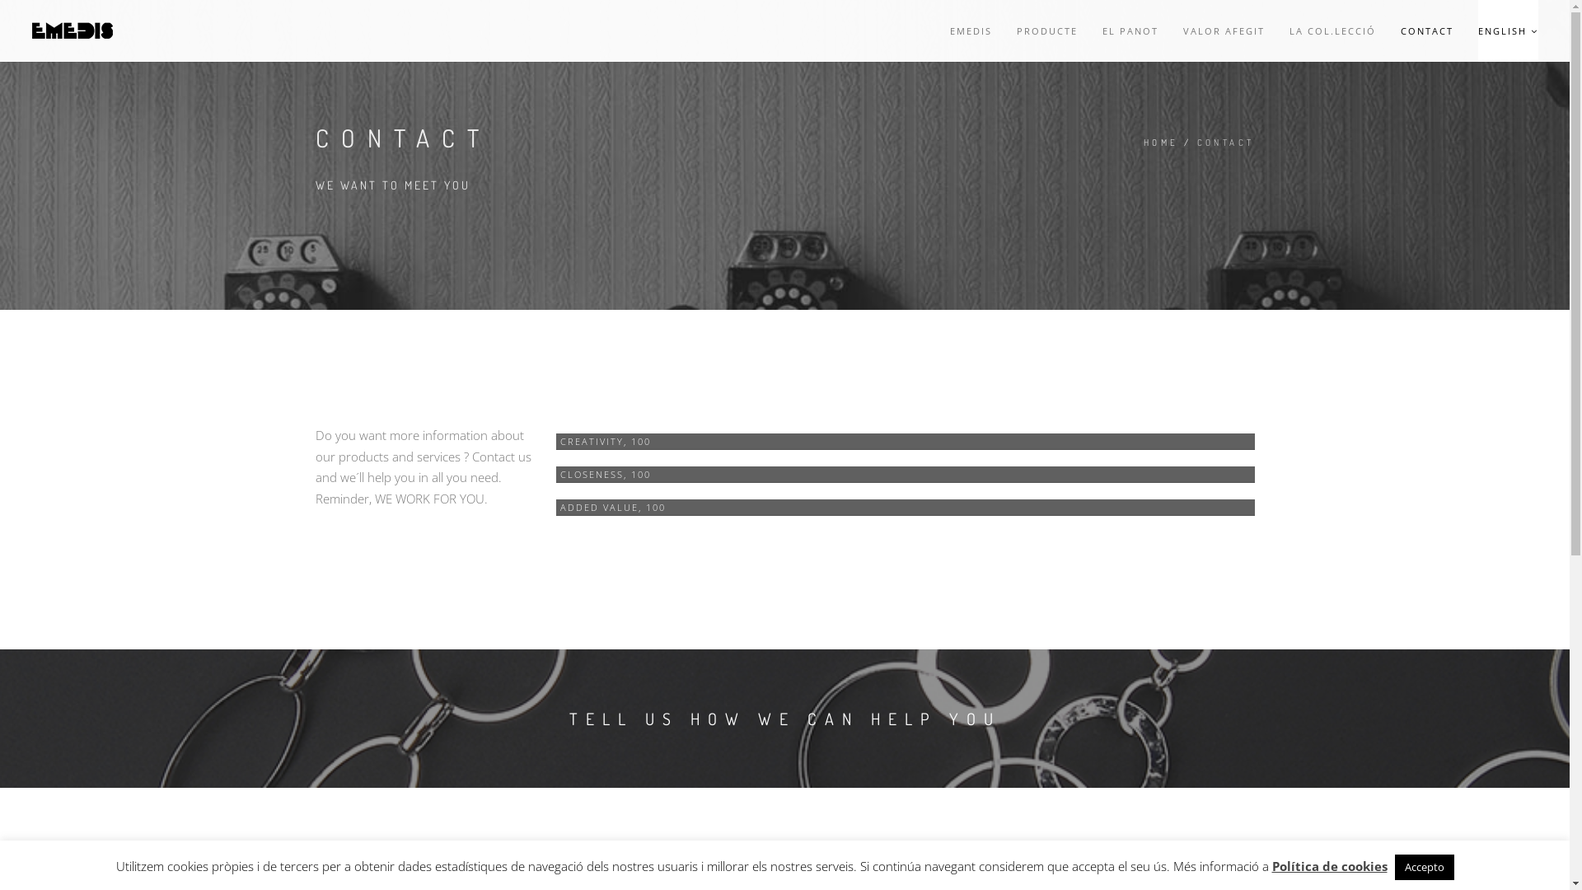 The image size is (1582, 890). Describe the element at coordinates (1423, 866) in the screenshot. I see `'Accepto'` at that location.